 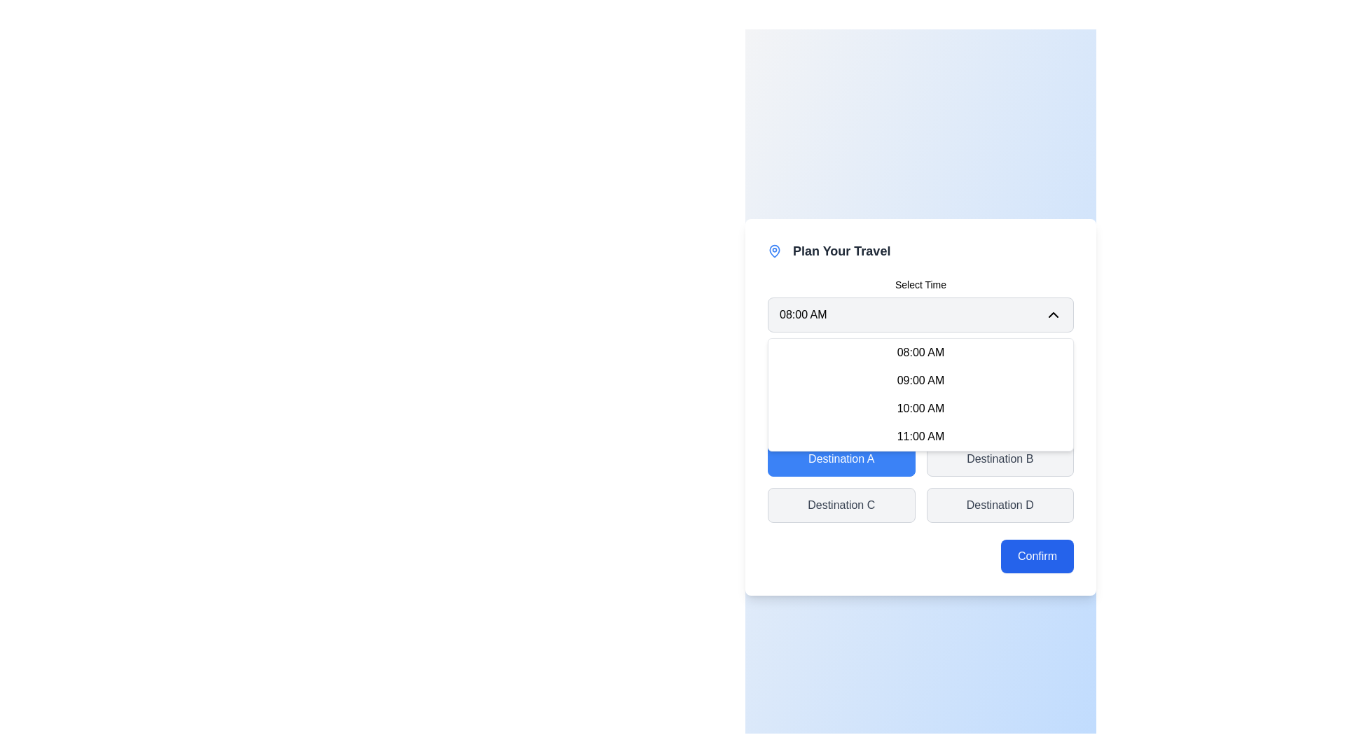 What do you see at coordinates (841, 458) in the screenshot?
I see `the button labeled 'Destination A' which is the top-left button in a grid layout of selectable destination options` at bounding box center [841, 458].